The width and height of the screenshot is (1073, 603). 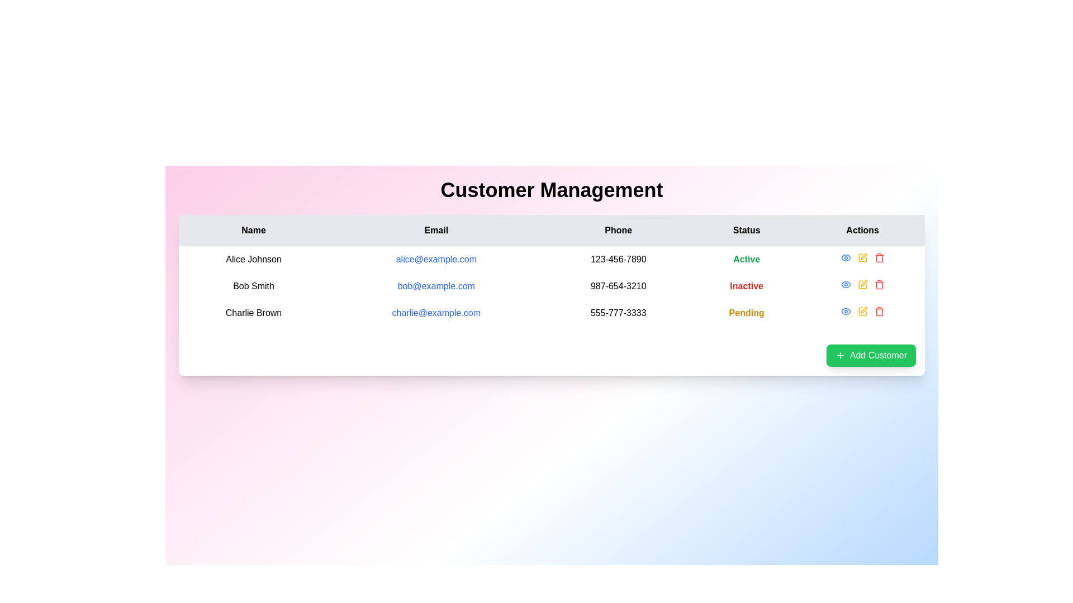 I want to click on the text label displaying 'Bob Smith' in the 'Name' column of the table, which is located in the middle row and is centered vertically within its cell, so click(x=253, y=286).